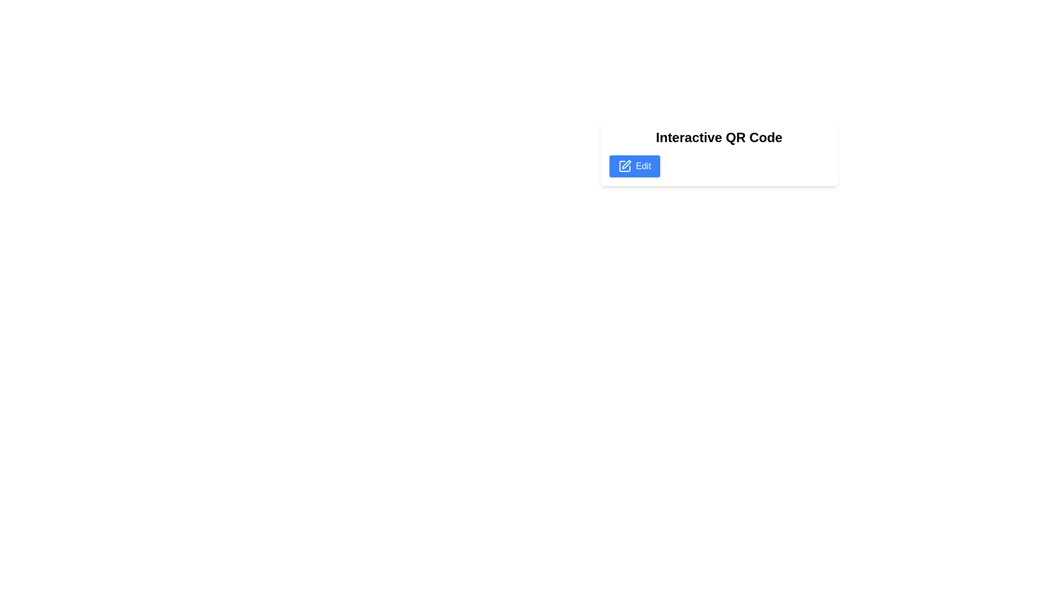 The image size is (1059, 595). What do you see at coordinates (719, 137) in the screenshot?
I see `static text label that serves as a header for the card-like widget, located at the top of the widget with rounded corners` at bounding box center [719, 137].